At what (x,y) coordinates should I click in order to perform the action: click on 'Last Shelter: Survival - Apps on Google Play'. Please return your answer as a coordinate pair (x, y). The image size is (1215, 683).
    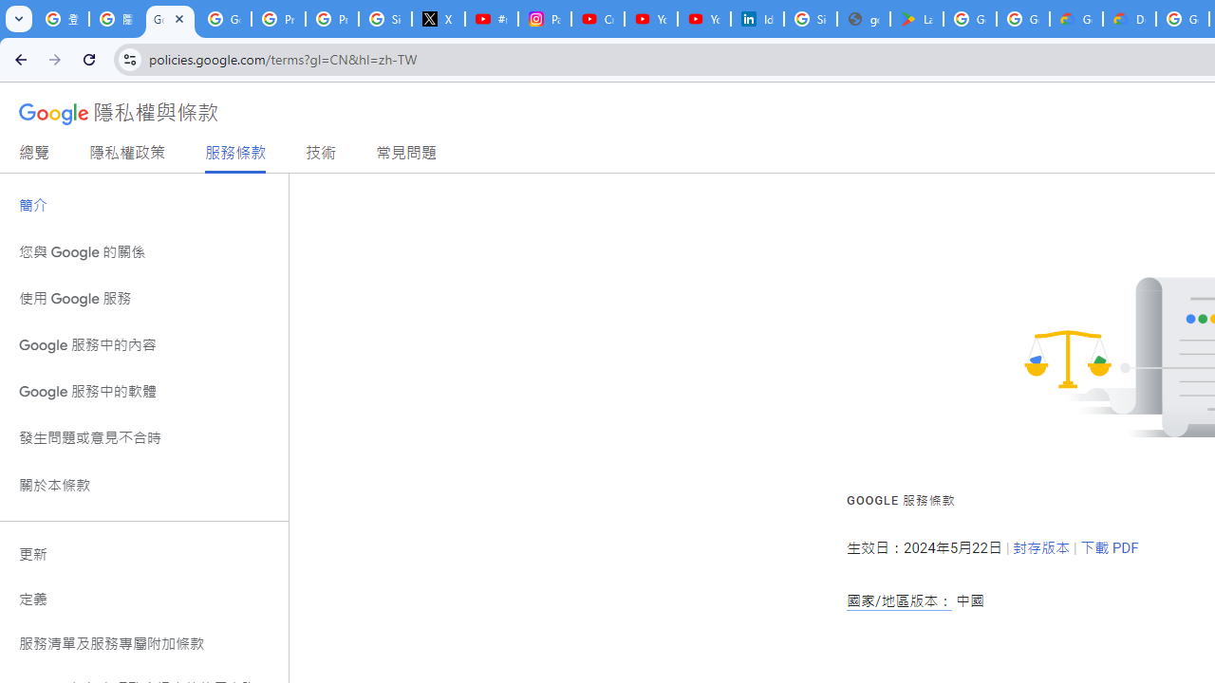
    Looking at the image, I should click on (917, 19).